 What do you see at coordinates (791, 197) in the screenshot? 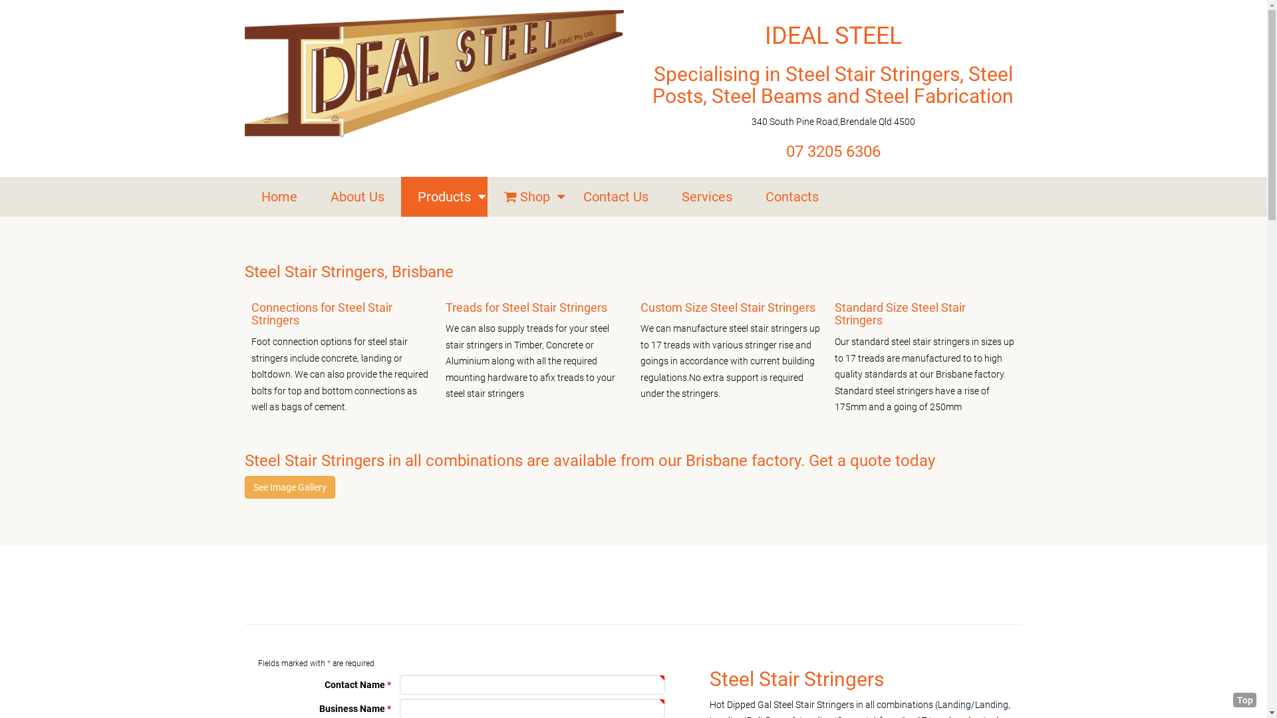
I see `'Contacts'` at bounding box center [791, 197].